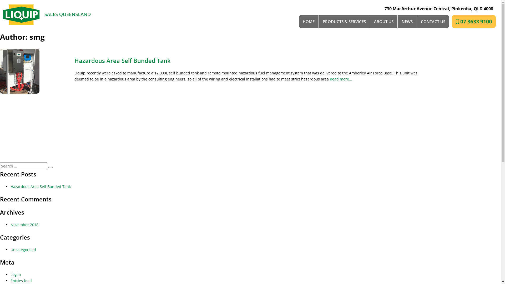  I want to click on 'NEWS', so click(407, 21).